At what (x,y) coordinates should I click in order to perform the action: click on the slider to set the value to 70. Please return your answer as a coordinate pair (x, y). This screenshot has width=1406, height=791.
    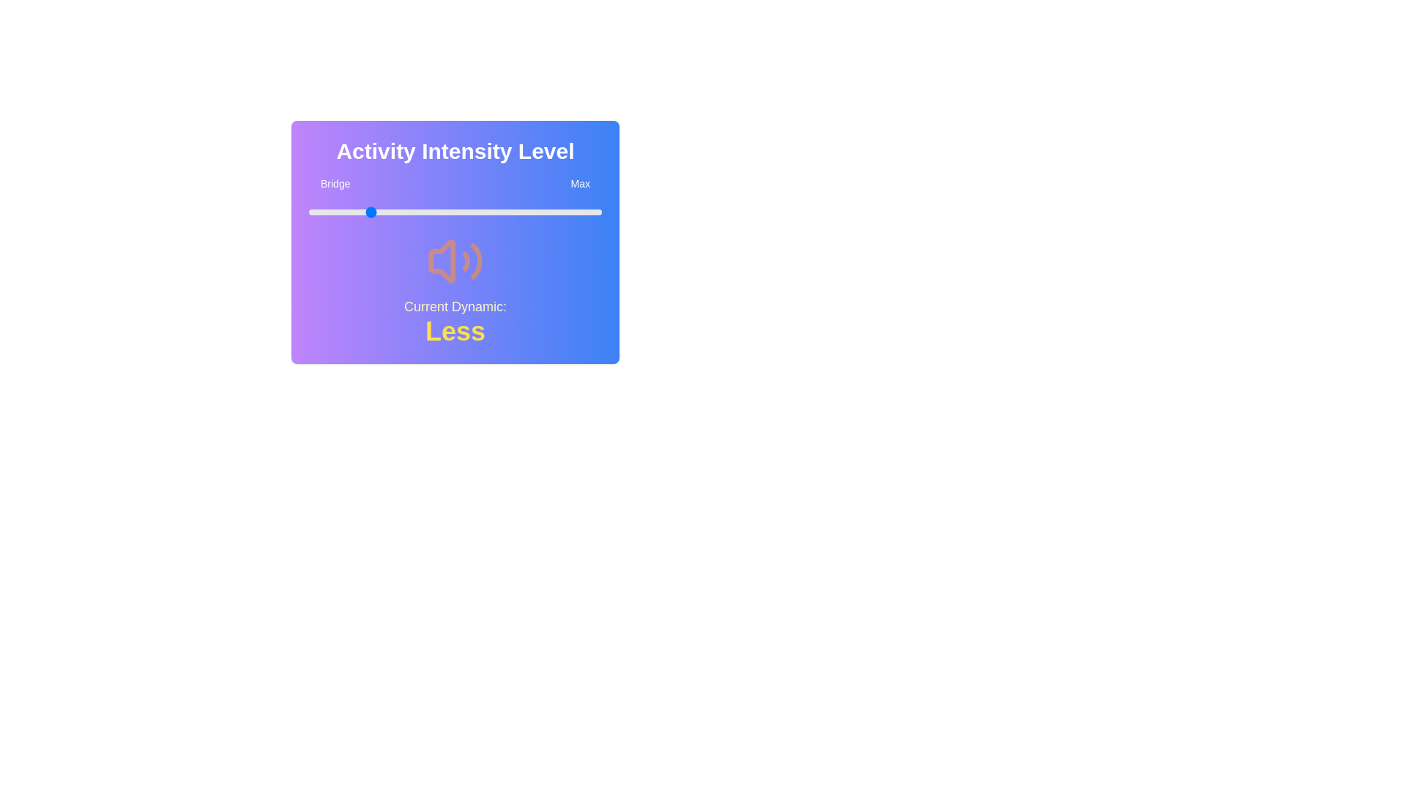
    Looking at the image, I should click on (513, 212).